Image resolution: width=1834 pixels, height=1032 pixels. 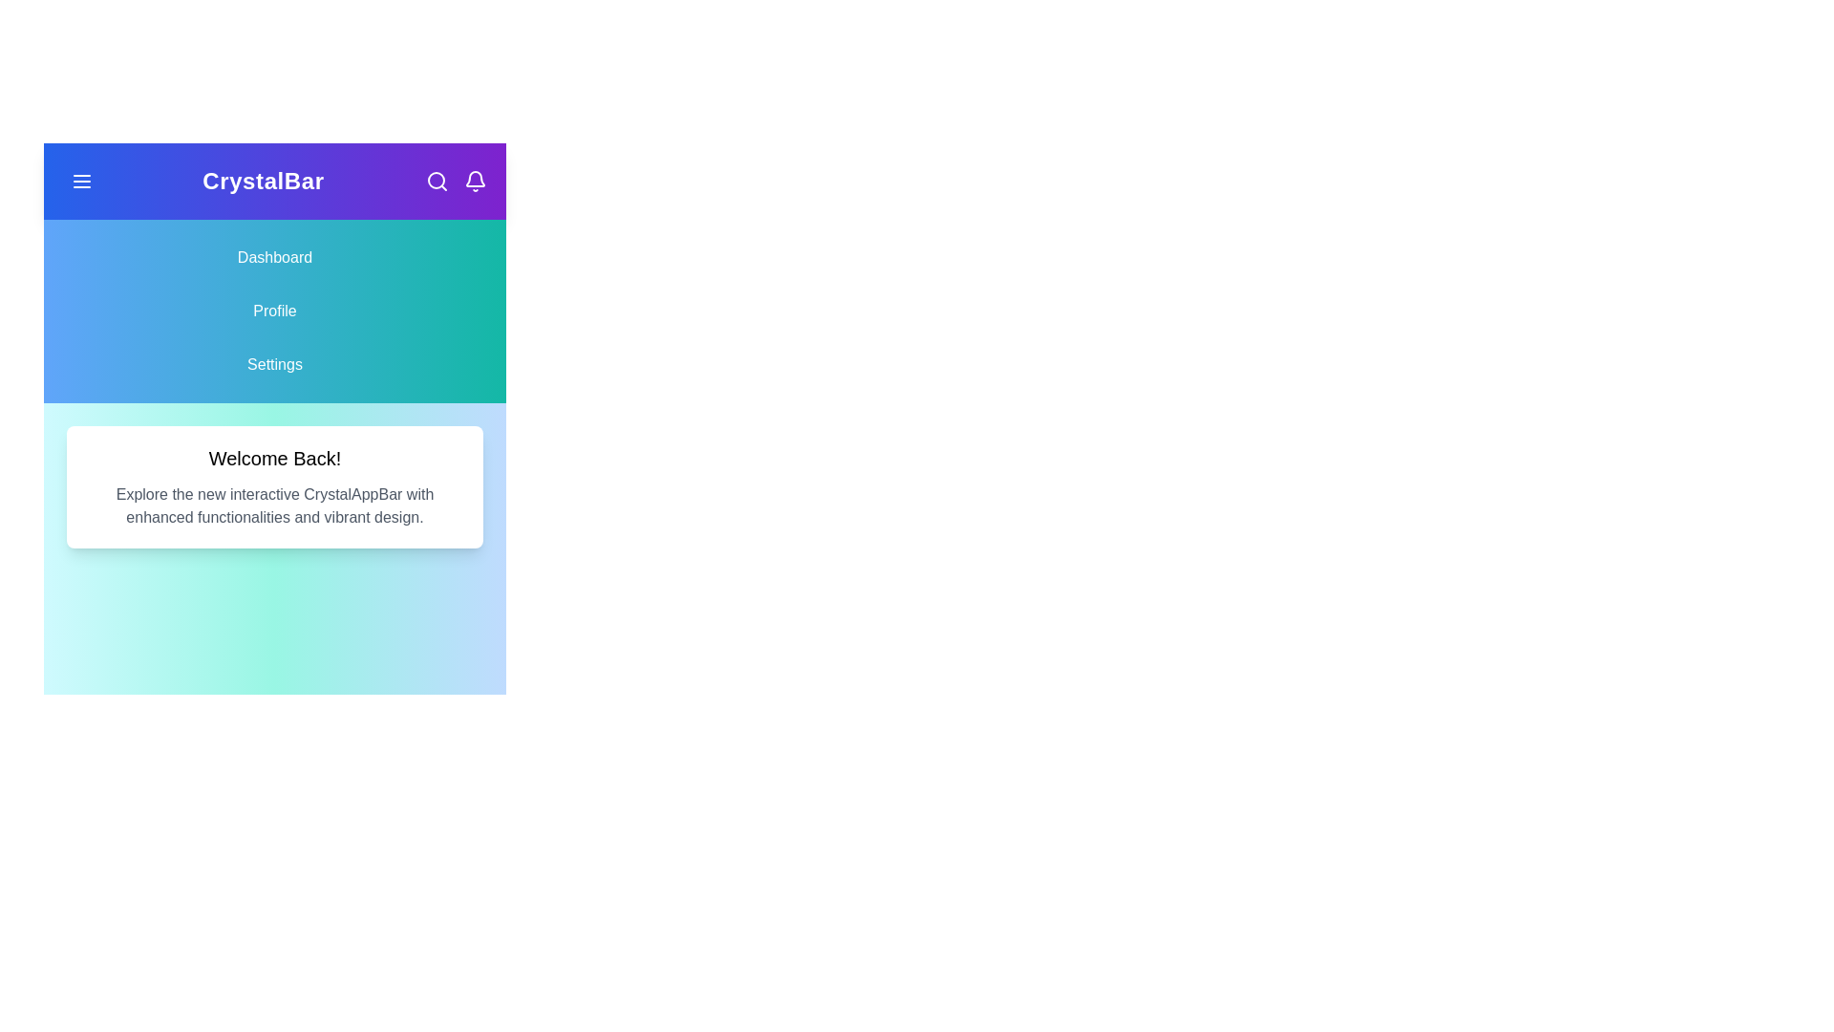 I want to click on the notification bell icon to view notifications, so click(x=476, y=181).